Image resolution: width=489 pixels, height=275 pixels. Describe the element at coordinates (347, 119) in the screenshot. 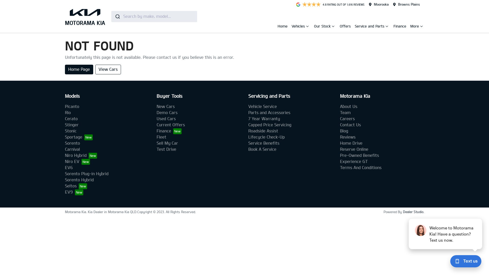

I see `'Careers'` at that location.